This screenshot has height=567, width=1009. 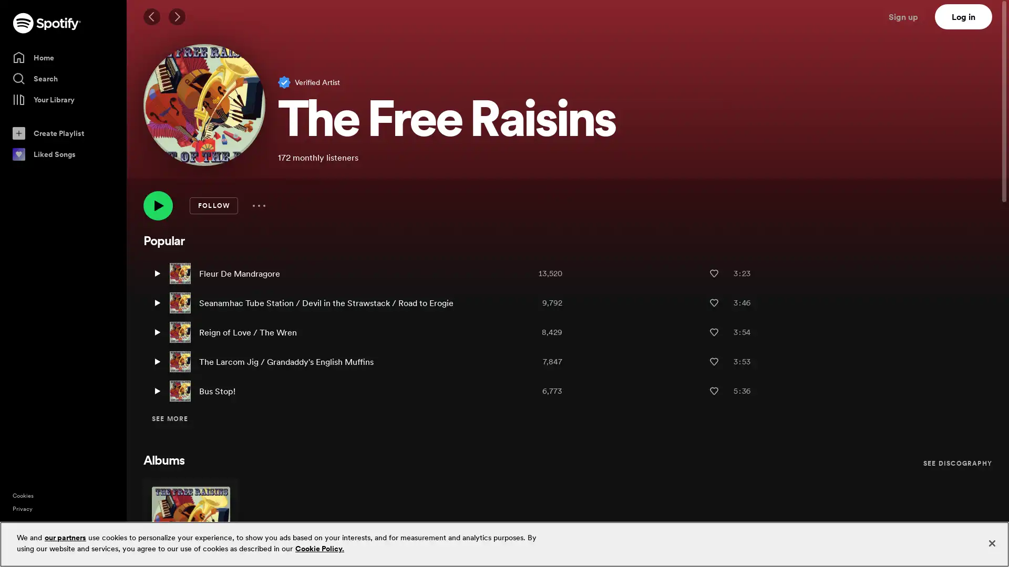 What do you see at coordinates (156, 303) in the screenshot?
I see `Play Seanamhac Tube Station / Devil in the Strawstack / Road to Erogie by The Free Raisins` at bounding box center [156, 303].